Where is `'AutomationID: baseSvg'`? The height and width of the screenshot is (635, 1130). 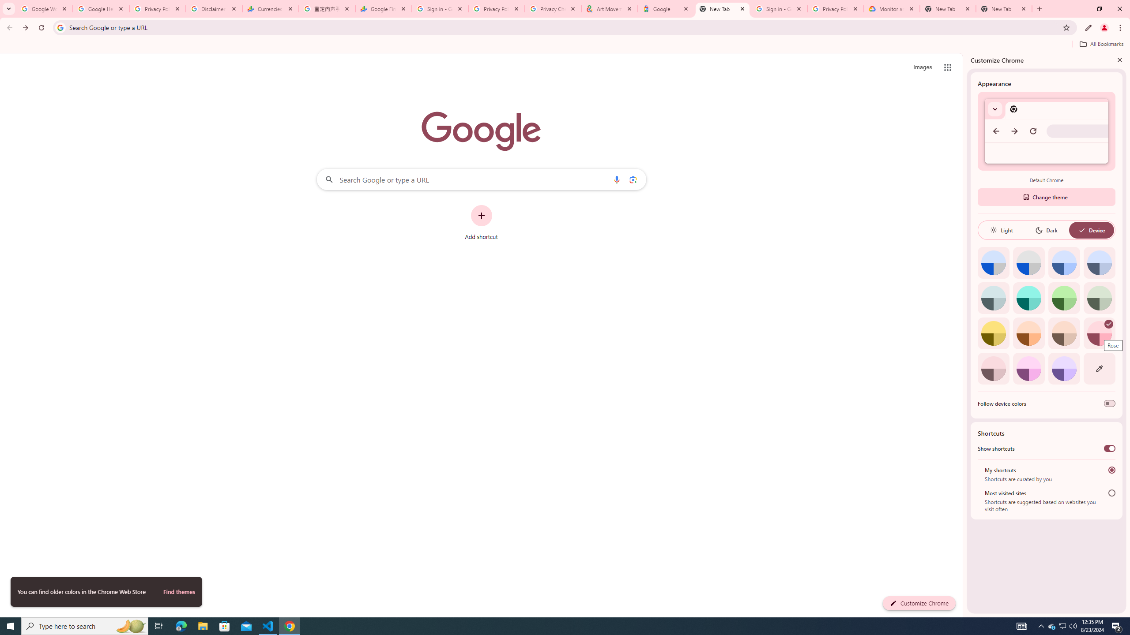
'AutomationID: baseSvg' is located at coordinates (1081, 230).